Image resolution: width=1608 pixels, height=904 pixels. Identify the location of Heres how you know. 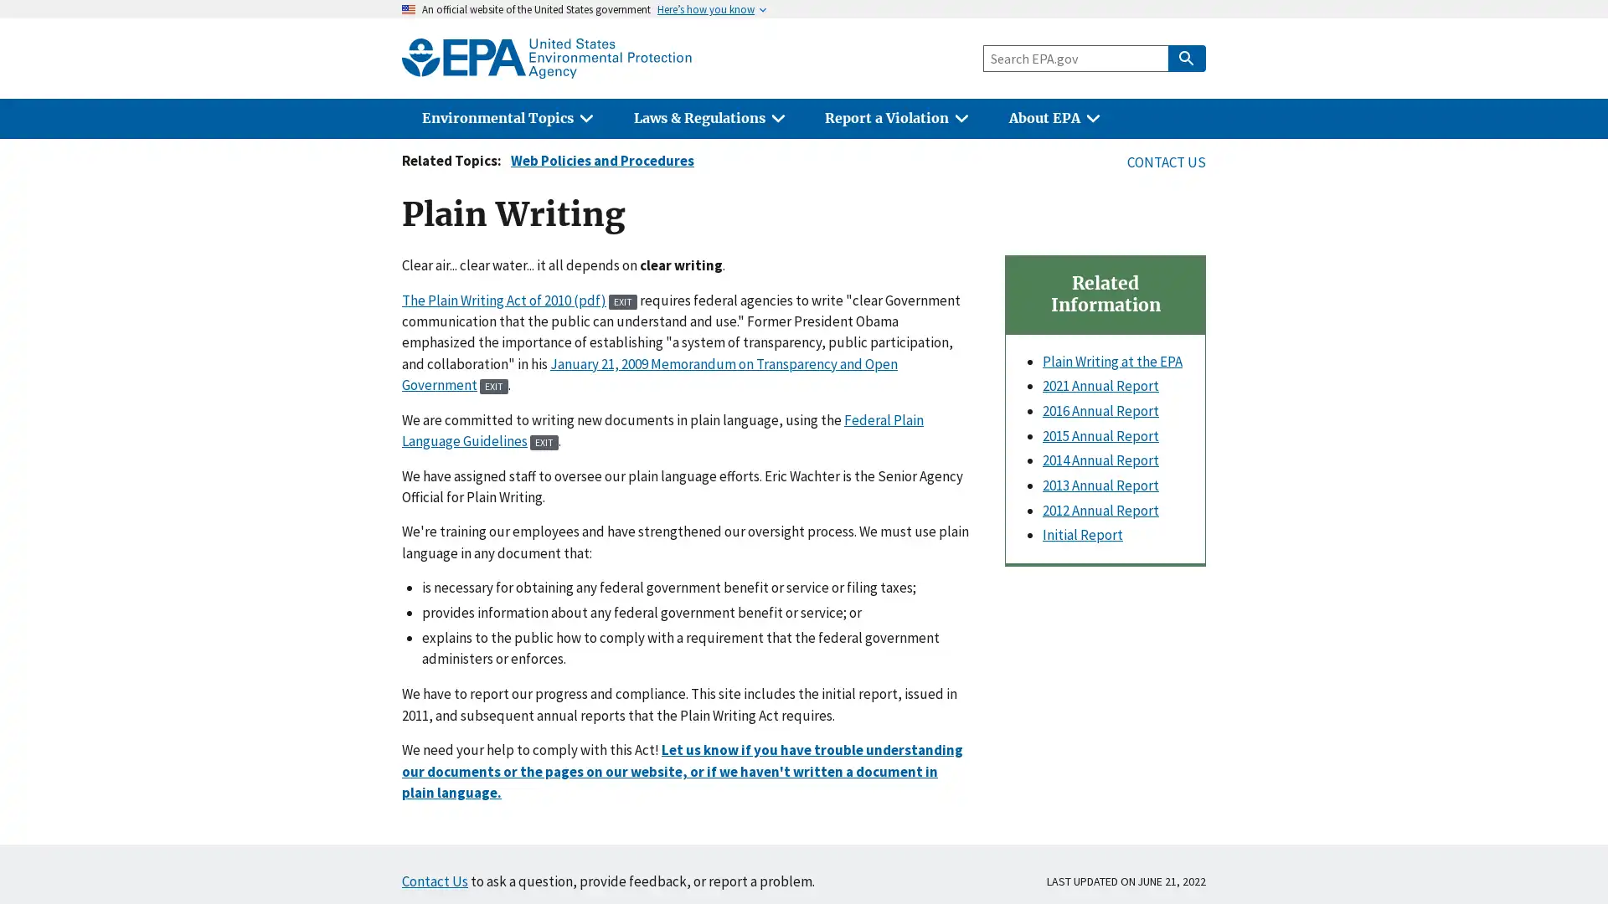
(706, 9).